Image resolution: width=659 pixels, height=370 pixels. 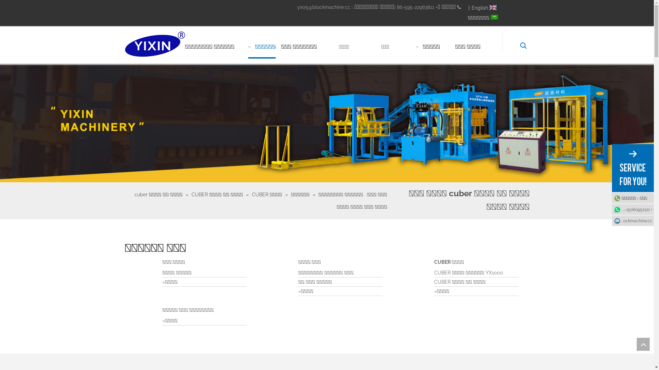 I want to click on 'B5', so click(x=326, y=122).